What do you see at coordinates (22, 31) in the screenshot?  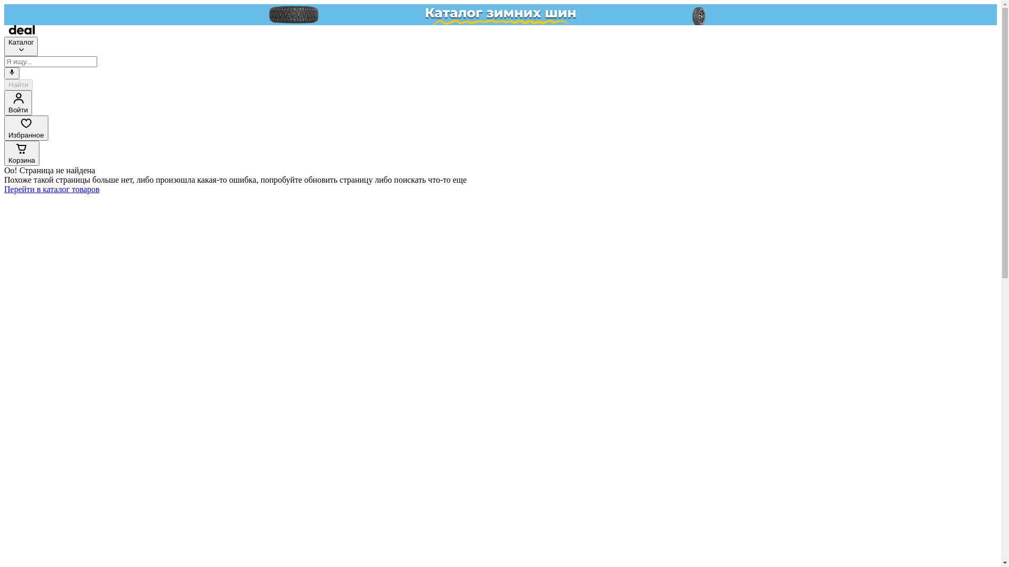 I see `'deal.by'` at bounding box center [22, 31].